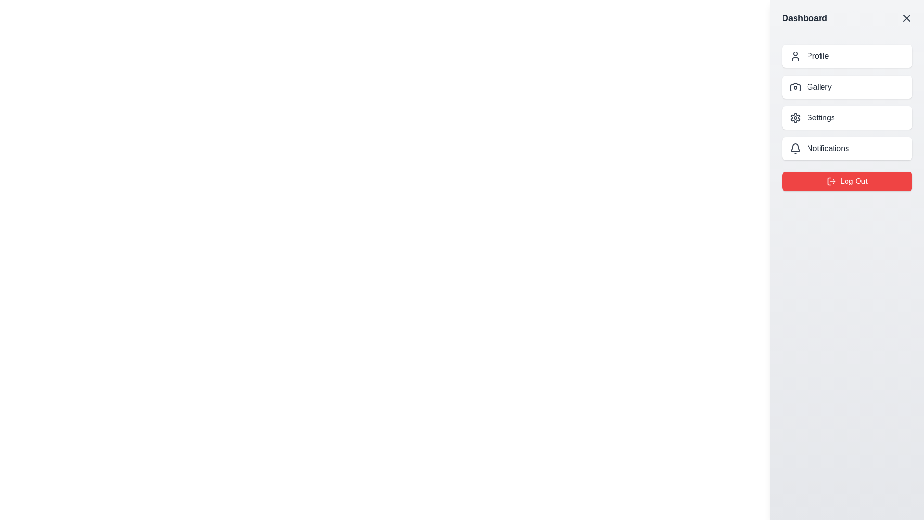  What do you see at coordinates (820, 117) in the screenshot?
I see `the 'Settings' text label within the button` at bounding box center [820, 117].